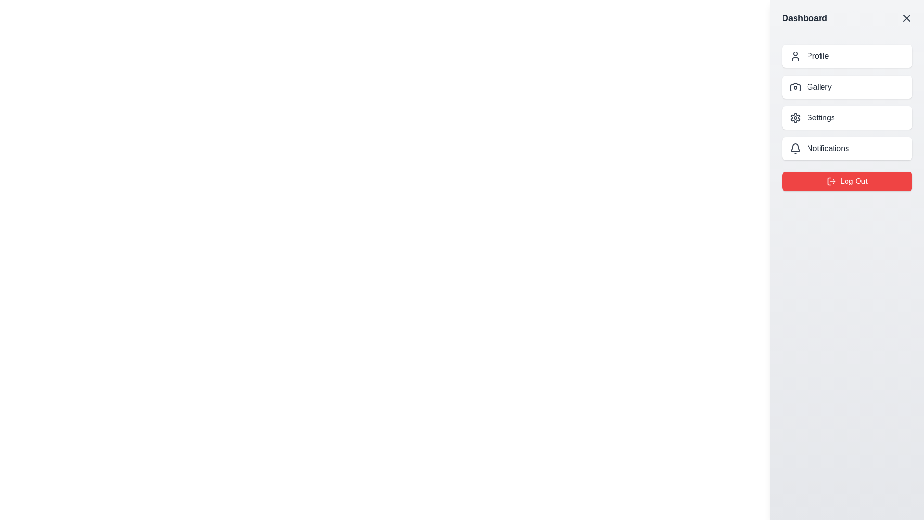  What do you see at coordinates (820, 117) in the screenshot?
I see `the 'Settings' text label within the button` at bounding box center [820, 117].